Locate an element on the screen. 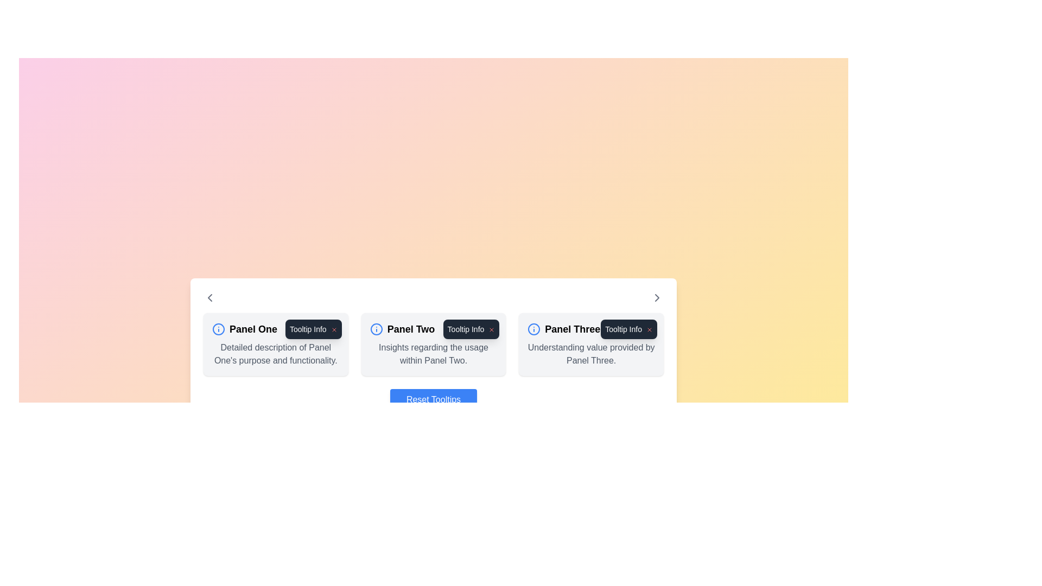 The height and width of the screenshot is (586, 1042). the text block that contains the content 'Detailed description of Panel One's purpose and functionality.', which is styled with a gray font color and positioned below the title 'Panel One' is located at coordinates (276, 354).